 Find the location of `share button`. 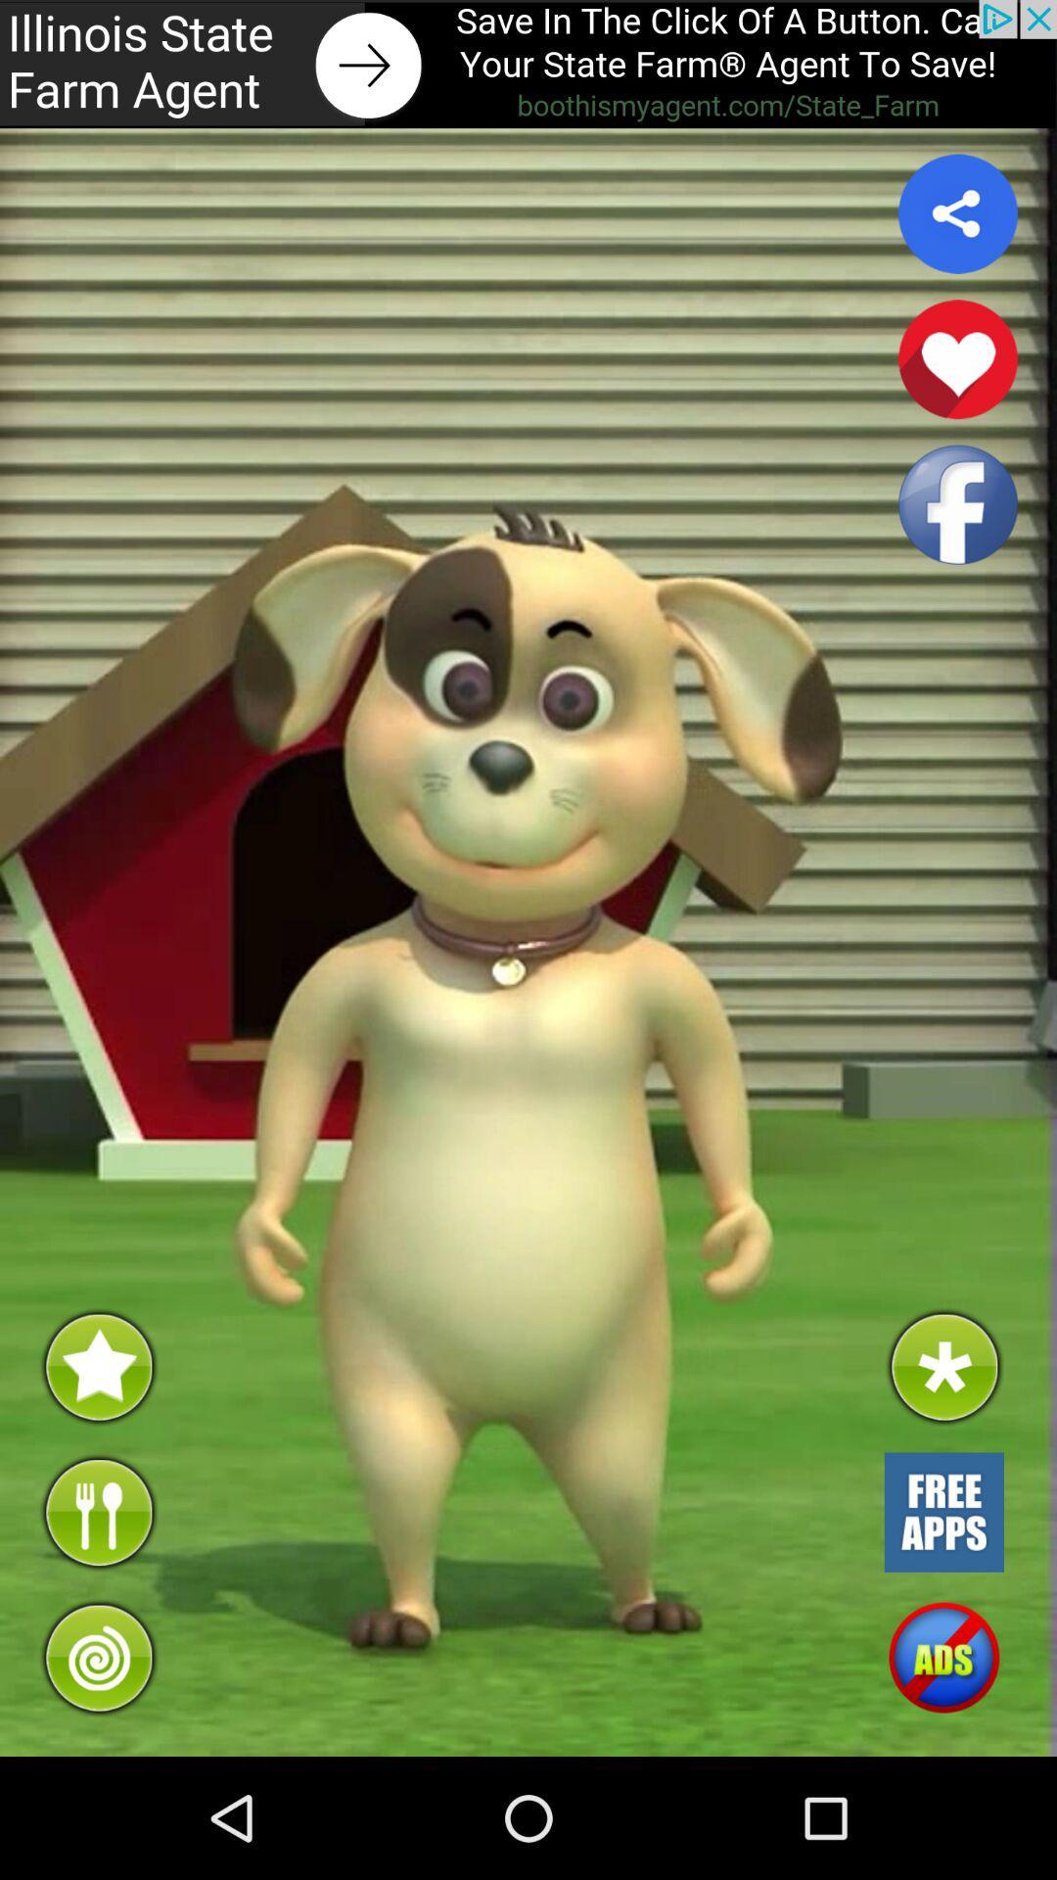

share button is located at coordinates (957, 213).